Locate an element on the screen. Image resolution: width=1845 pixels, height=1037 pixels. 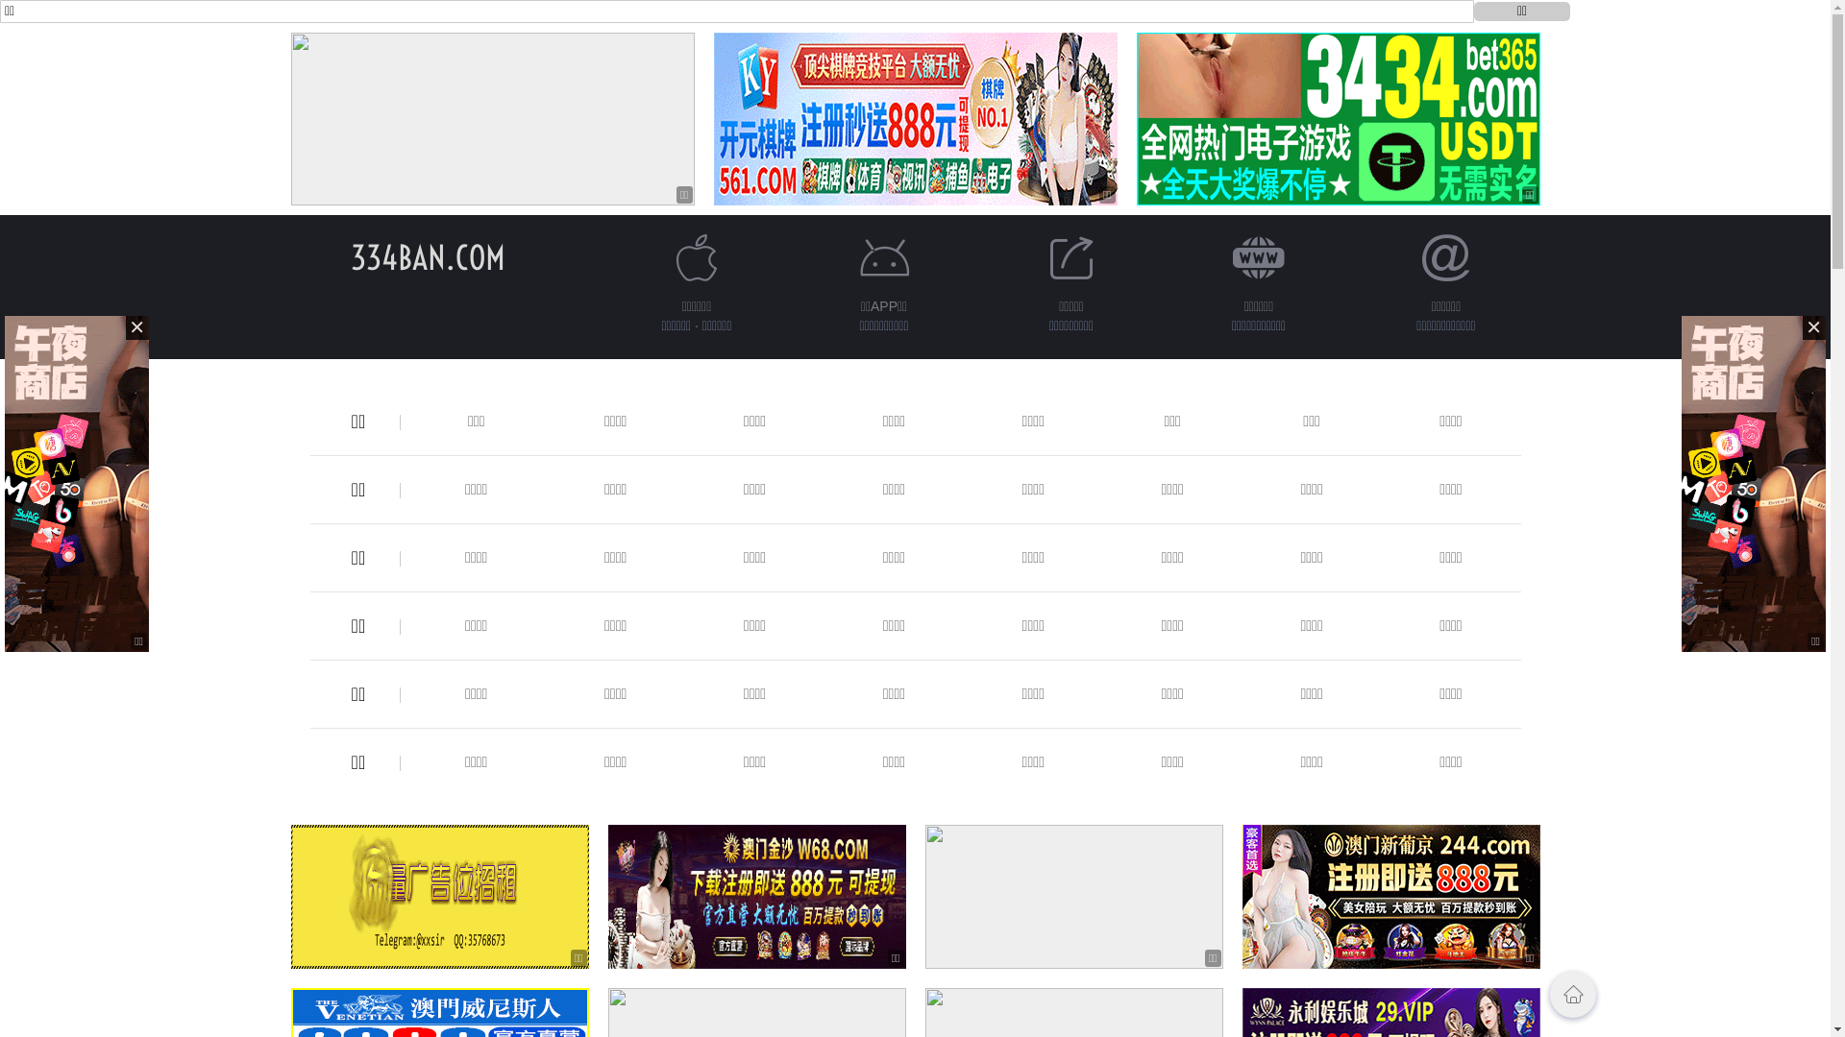
'334BAN.COM' is located at coordinates (350, 256).